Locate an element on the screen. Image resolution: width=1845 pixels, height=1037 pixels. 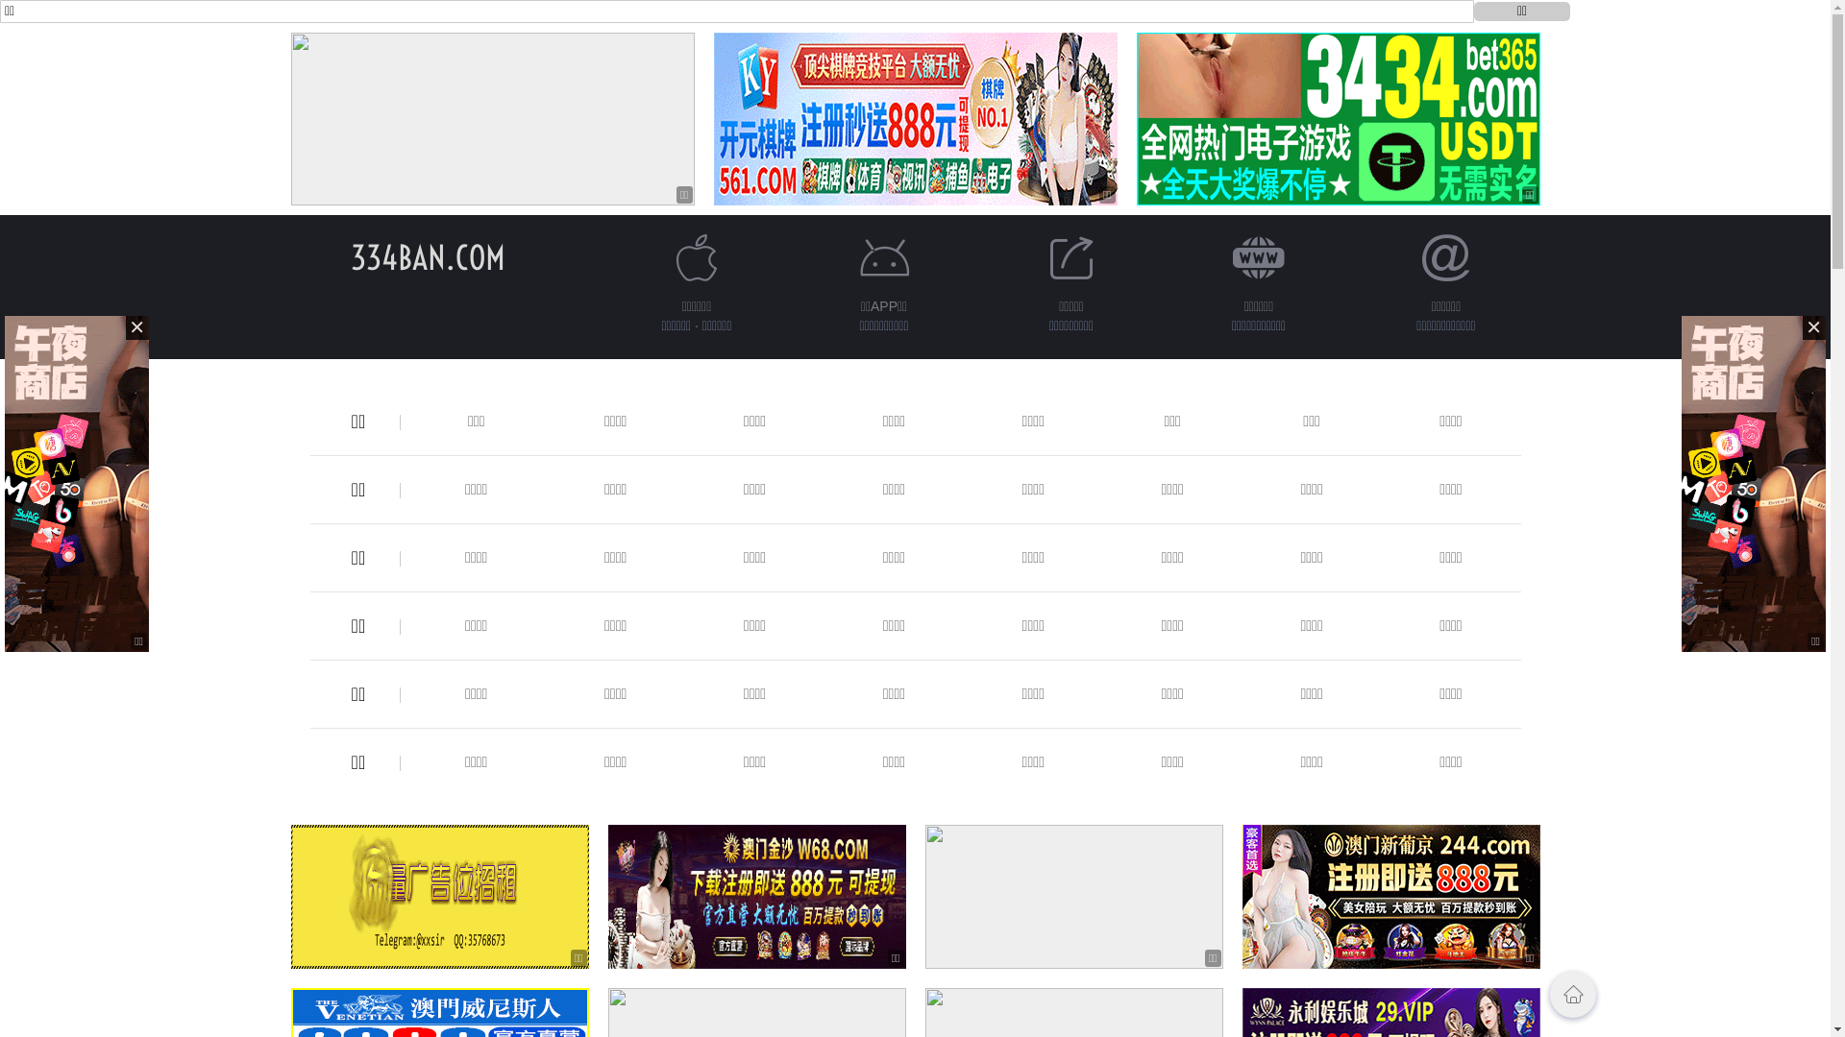
'334BAN.COM' is located at coordinates (350, 256).